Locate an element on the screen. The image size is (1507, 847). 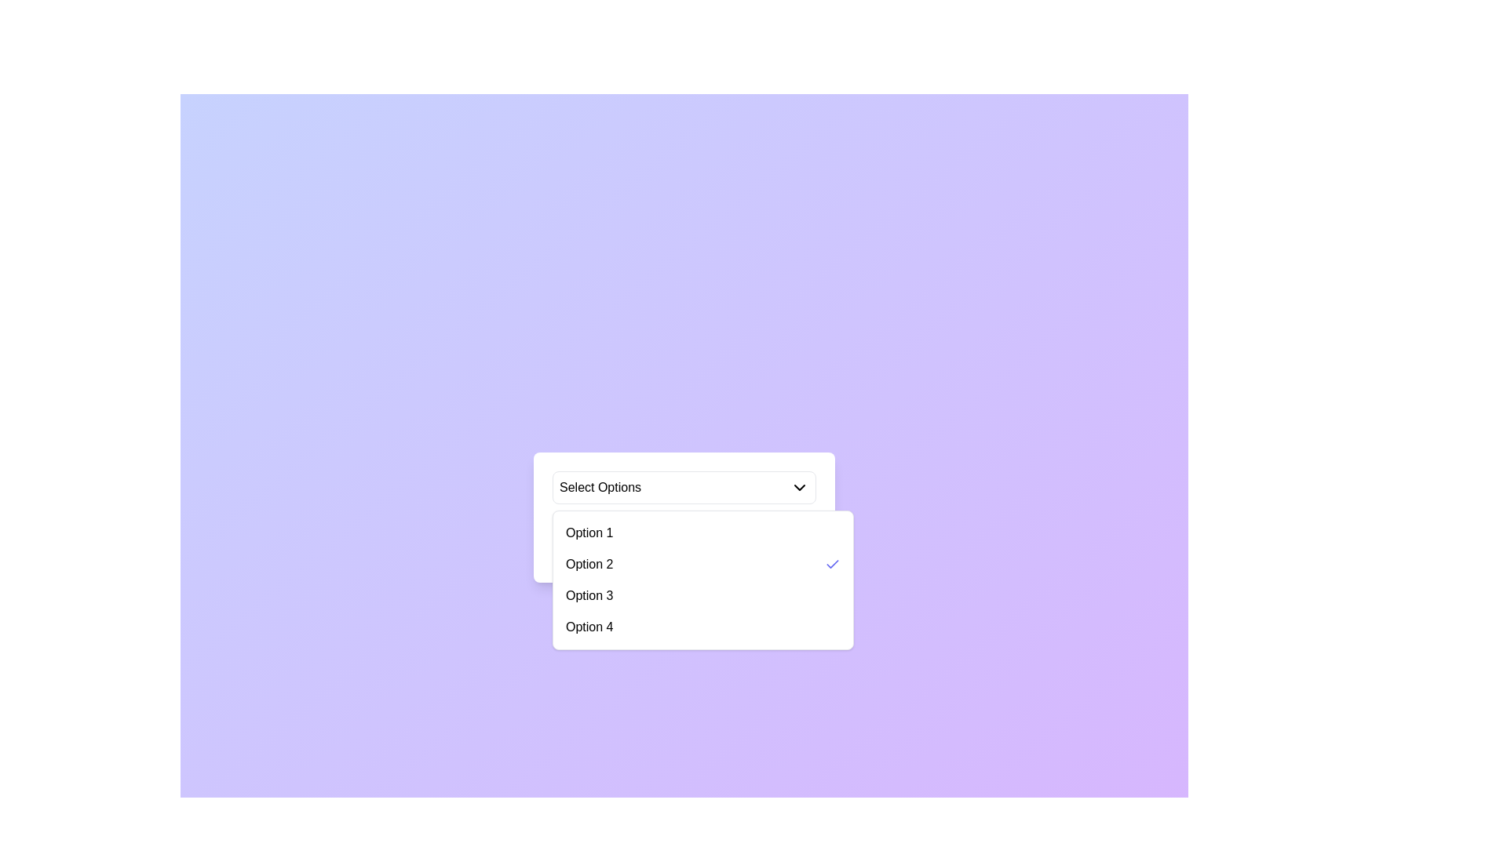
the small checkmark icon with a thin stroke, which is part of a larger SVG component near the center of the dropdown panel aligned with 'Option 2' is located at coordinates (831, 562).